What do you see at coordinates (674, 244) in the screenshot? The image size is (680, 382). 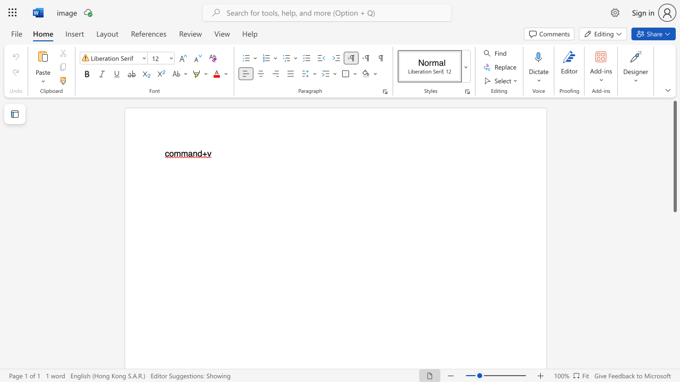 I see `the vertical scrollbar to lower the page content` at bounding box center [674, 244].